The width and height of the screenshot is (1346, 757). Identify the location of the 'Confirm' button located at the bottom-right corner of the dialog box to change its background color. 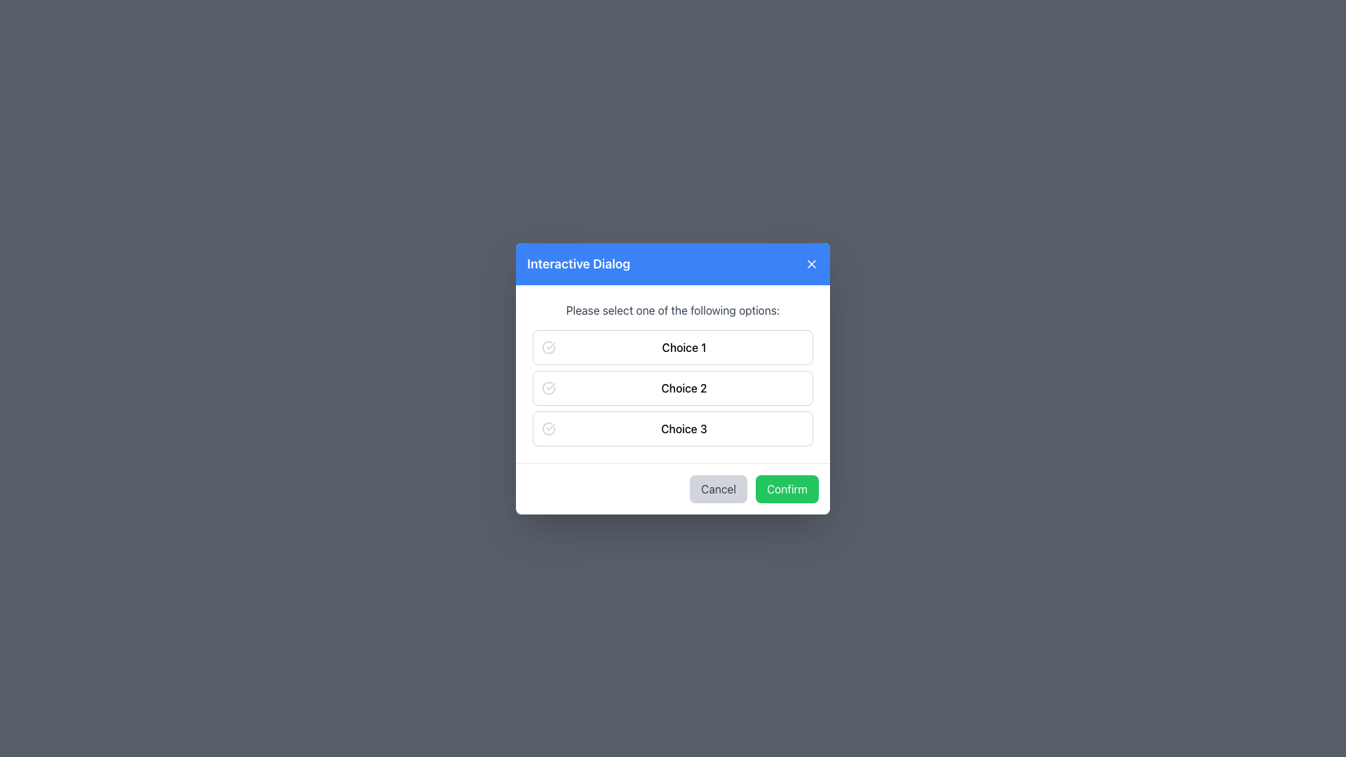
(787, 488).